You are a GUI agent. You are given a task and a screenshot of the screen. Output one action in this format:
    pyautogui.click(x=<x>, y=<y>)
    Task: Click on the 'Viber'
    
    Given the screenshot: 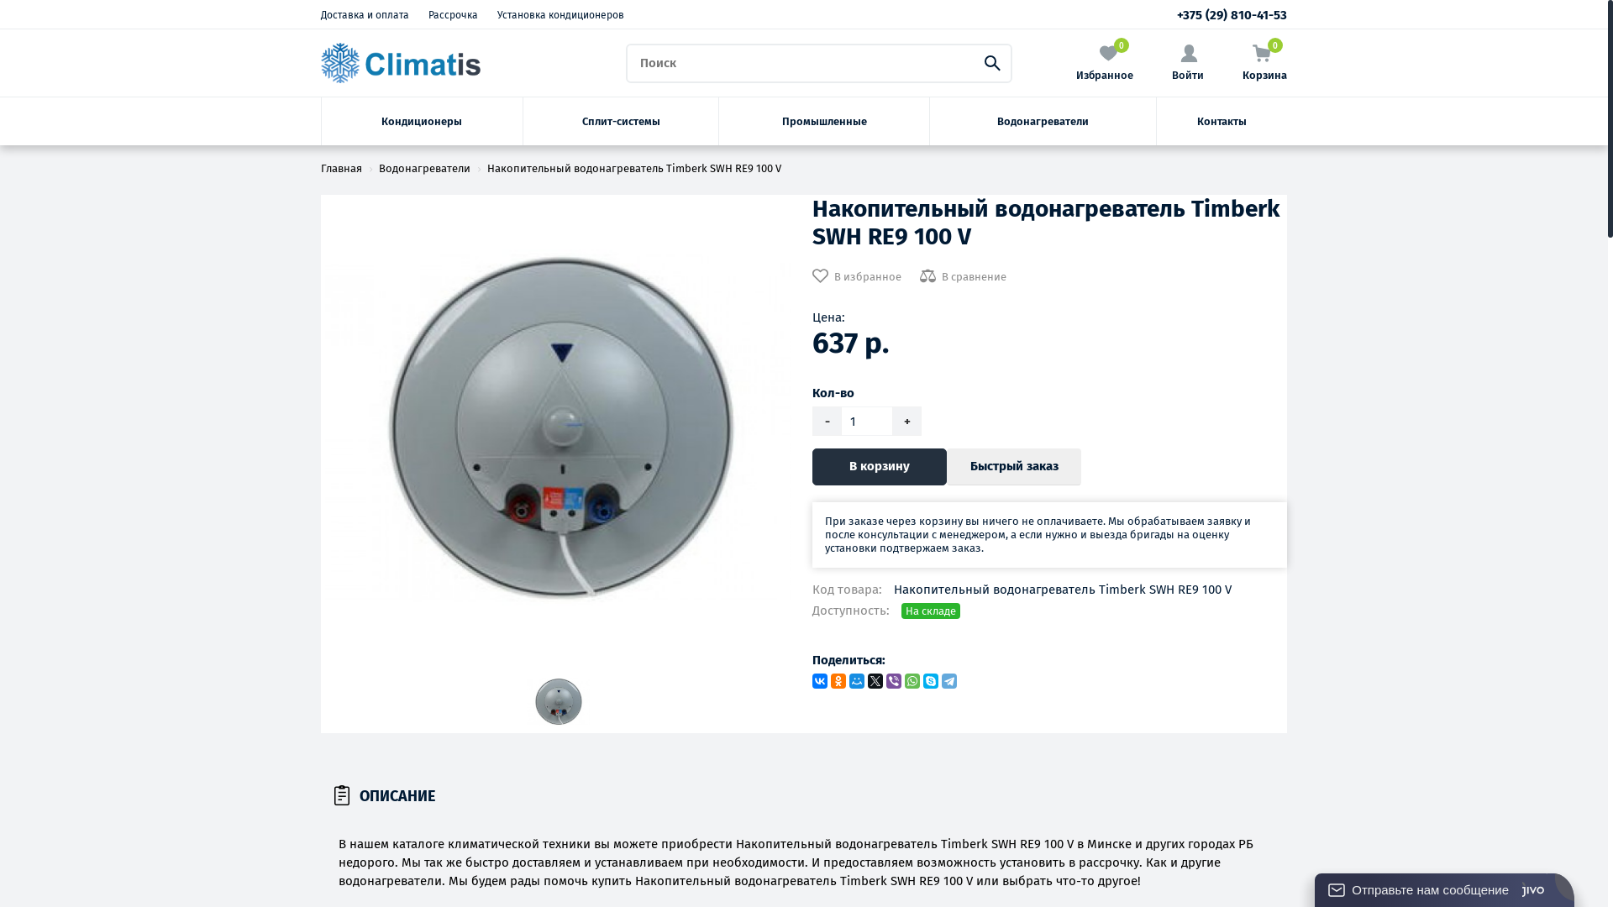 What is the action you would take?
    pyautogui.click(x=893, y=680)
    